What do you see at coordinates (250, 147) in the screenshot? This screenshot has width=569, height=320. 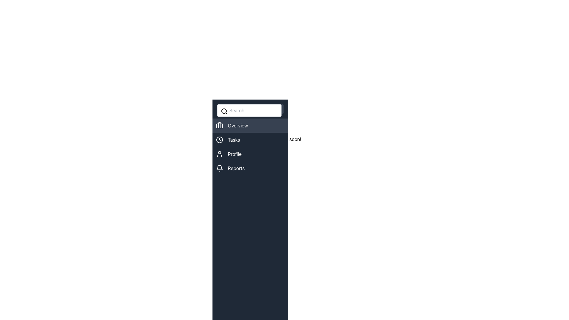 I see `the second item in the vertical navigation menu on the left sidebar, which navigates to the 'Tasks' section` at bounding box center [250, 147].